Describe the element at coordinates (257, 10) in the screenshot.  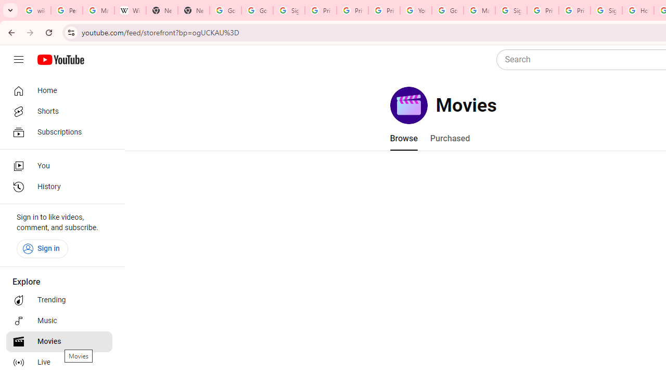
I see `'Google Drive: Sign-in'` at that location.